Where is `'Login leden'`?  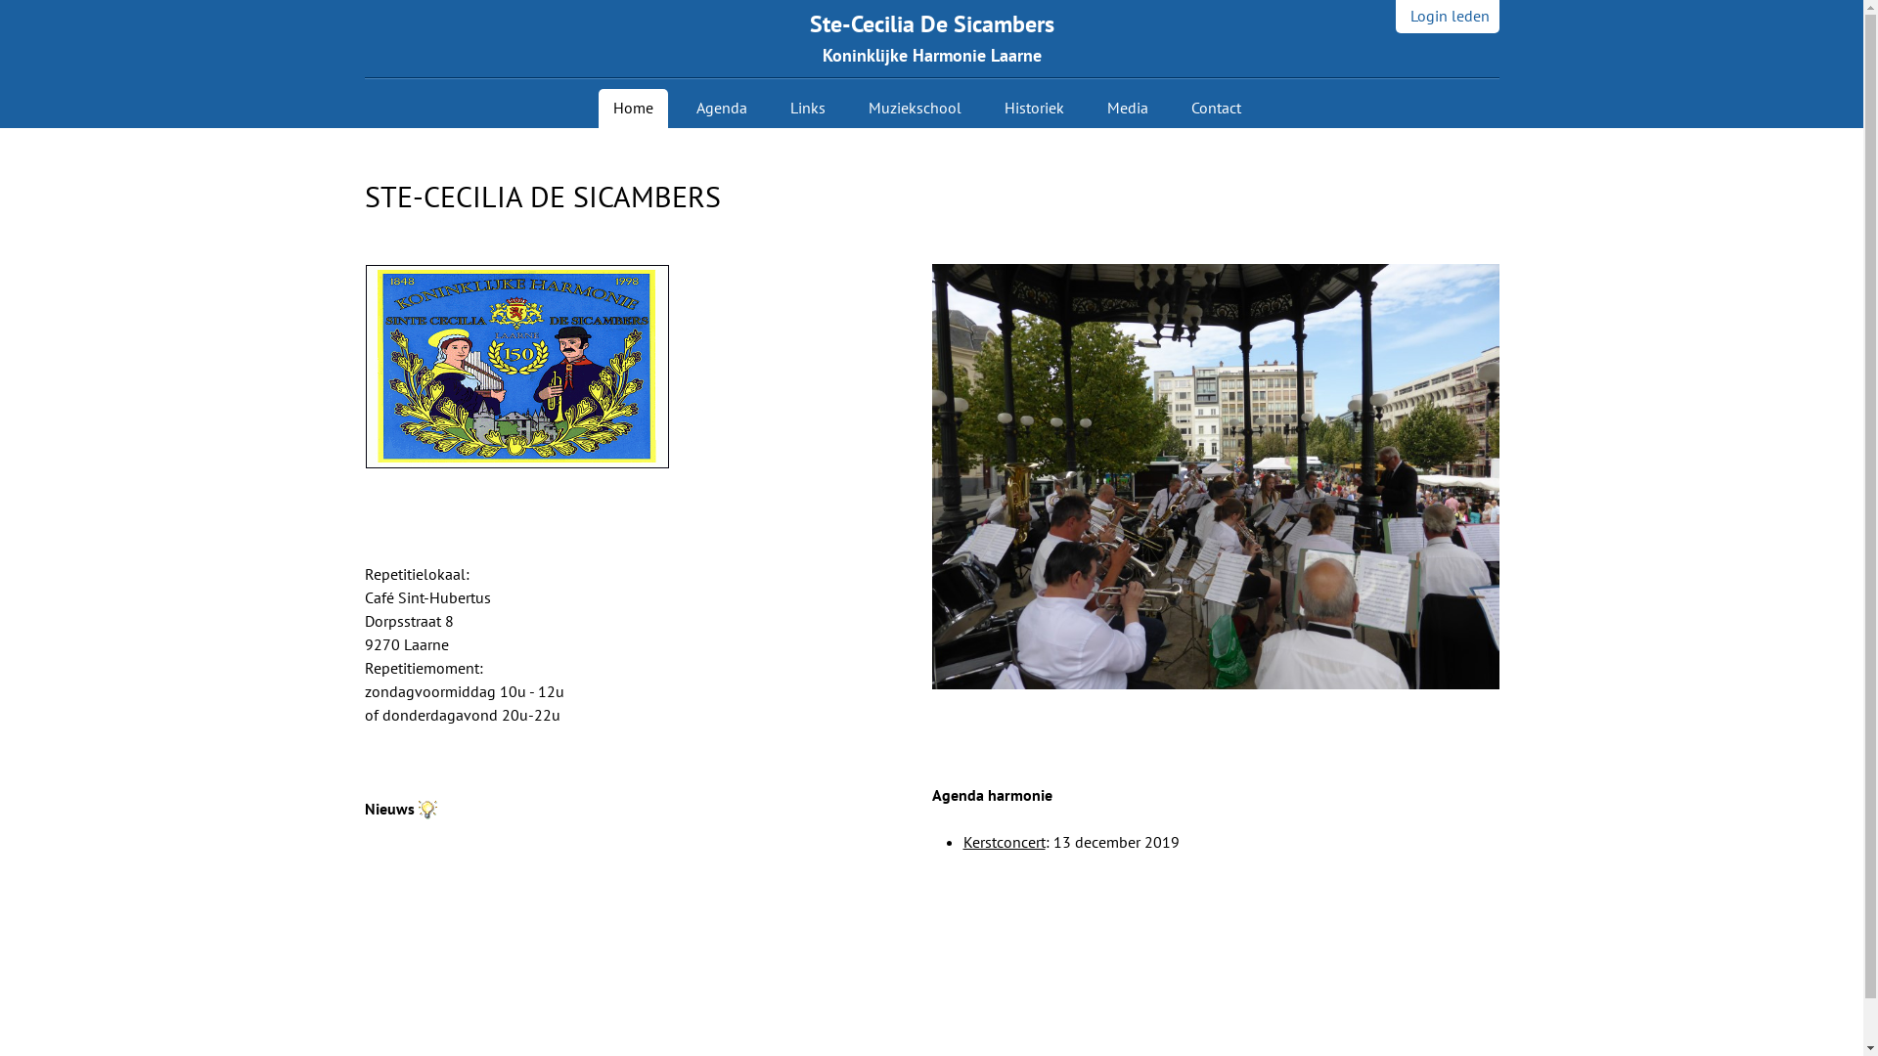 'Login leden' is located at coordinates (1446, 16).